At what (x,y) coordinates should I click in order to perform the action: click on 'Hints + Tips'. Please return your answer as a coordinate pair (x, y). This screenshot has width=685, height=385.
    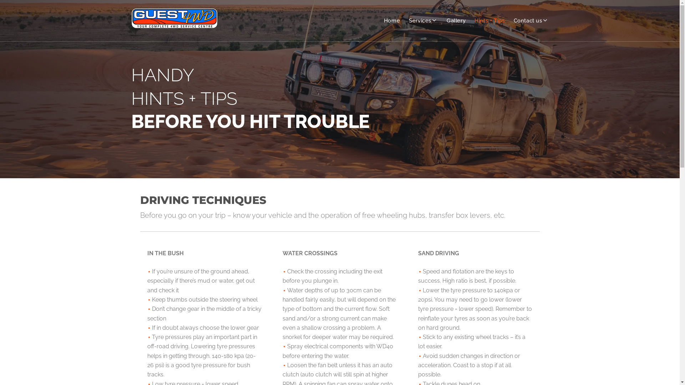
    Looking at the image, I should click on (489, 20).